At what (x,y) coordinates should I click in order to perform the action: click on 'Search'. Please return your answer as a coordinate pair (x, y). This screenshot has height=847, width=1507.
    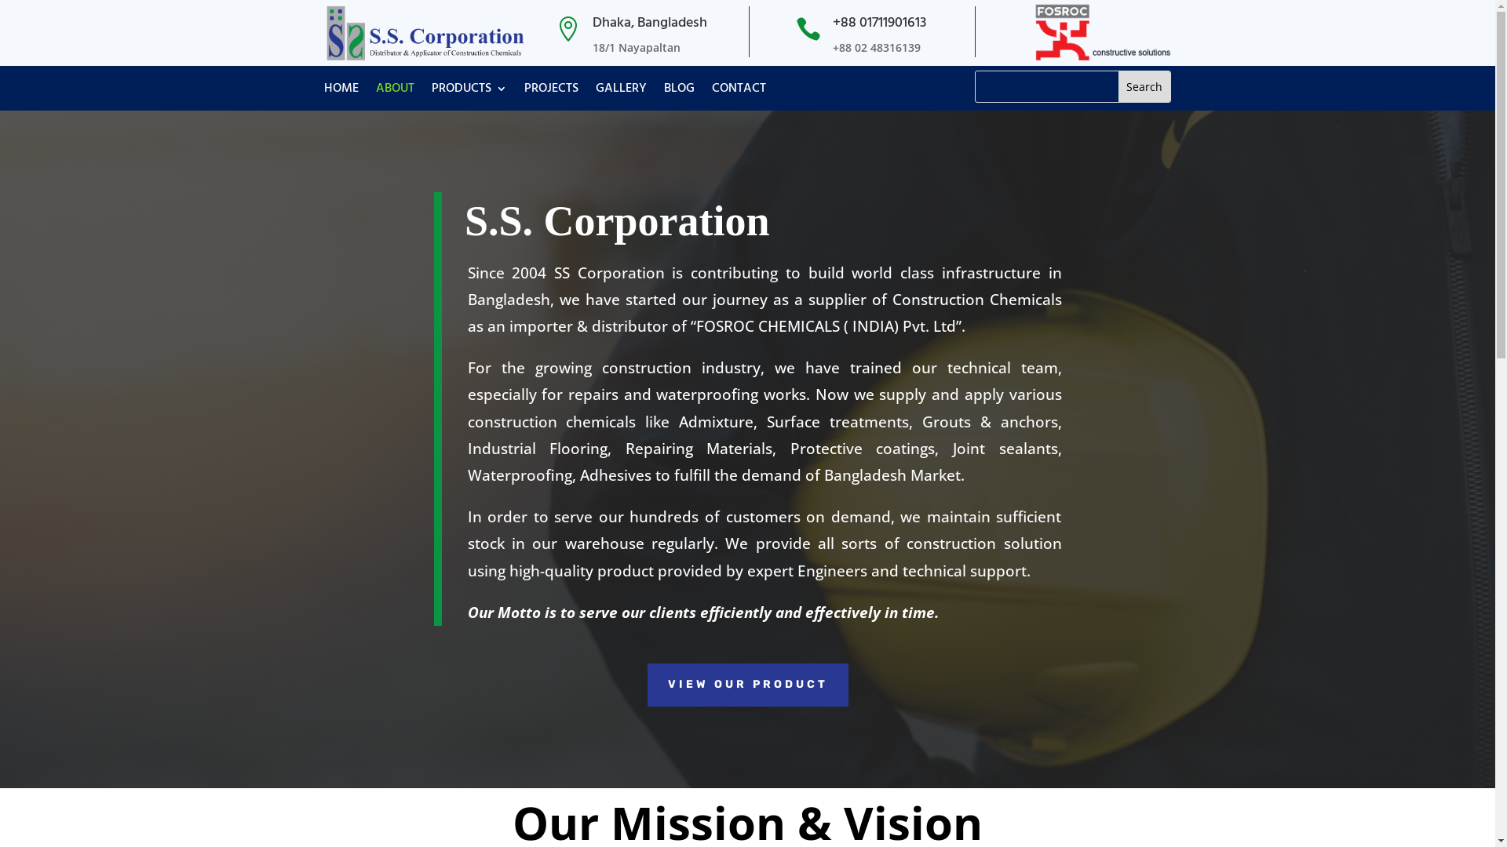
    Looking at the image, I should click on (1144, 86).